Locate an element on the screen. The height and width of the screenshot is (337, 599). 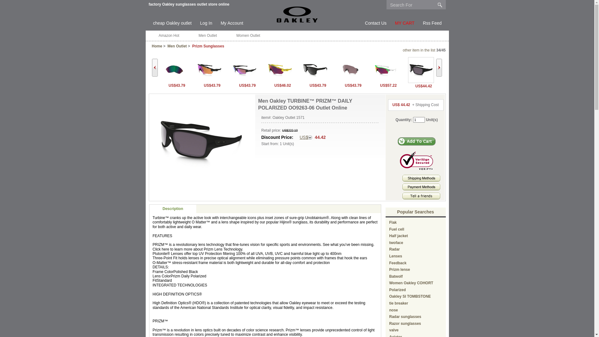
'Prizm Sunglasses' is located at coordinates (208, 46).